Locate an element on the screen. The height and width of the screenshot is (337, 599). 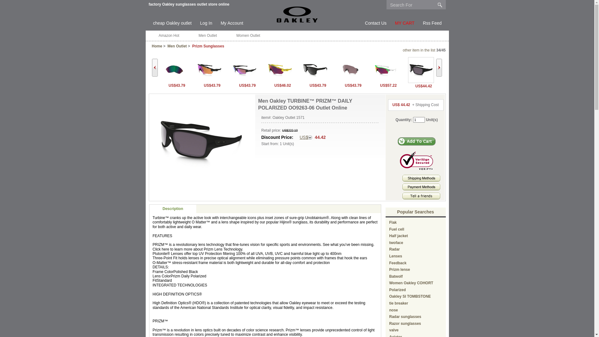
'Prizm Sunglasses' is located at coordinates (208, 46).